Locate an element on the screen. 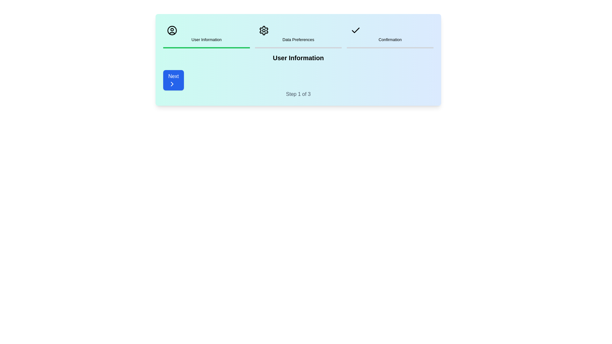 This screenshot has width=612, height=344. 'Next' button to navigate to the next step in the wizard is located at coordinates (173, 80).